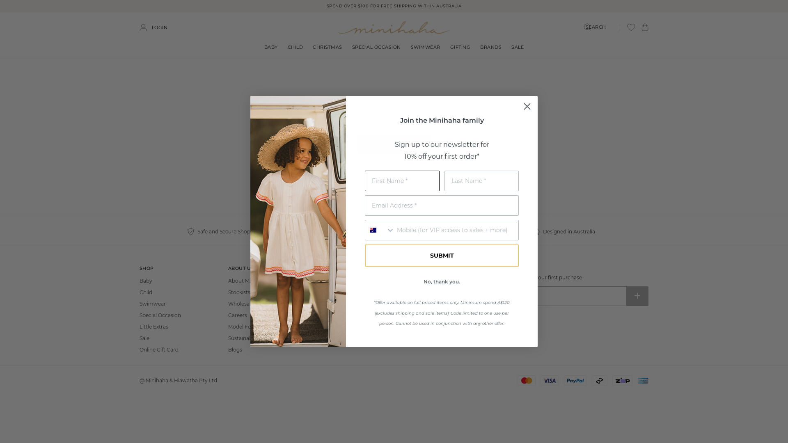  Describe the element at coordinates (140, 304) in the screenshot. I see `'Swimwear'` at that location.